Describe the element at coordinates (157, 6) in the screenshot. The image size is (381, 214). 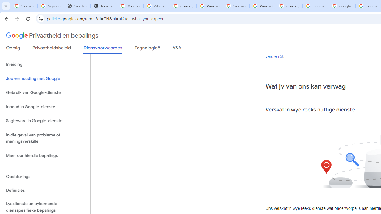
I see `'Who is my administrator? - Google Account Help'` at that location.